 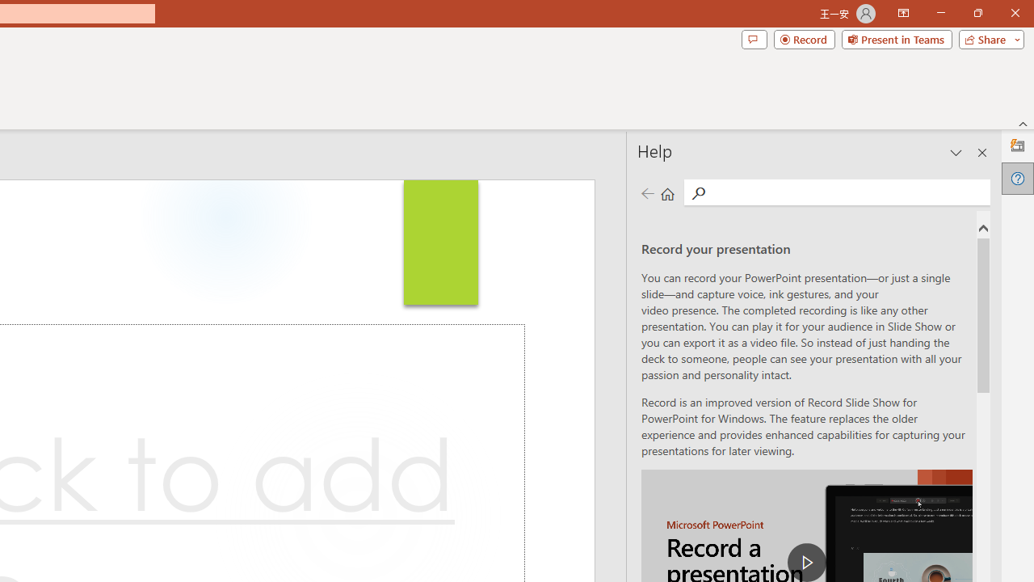 I want to click on 'Close', so click(x=1014, y=13).